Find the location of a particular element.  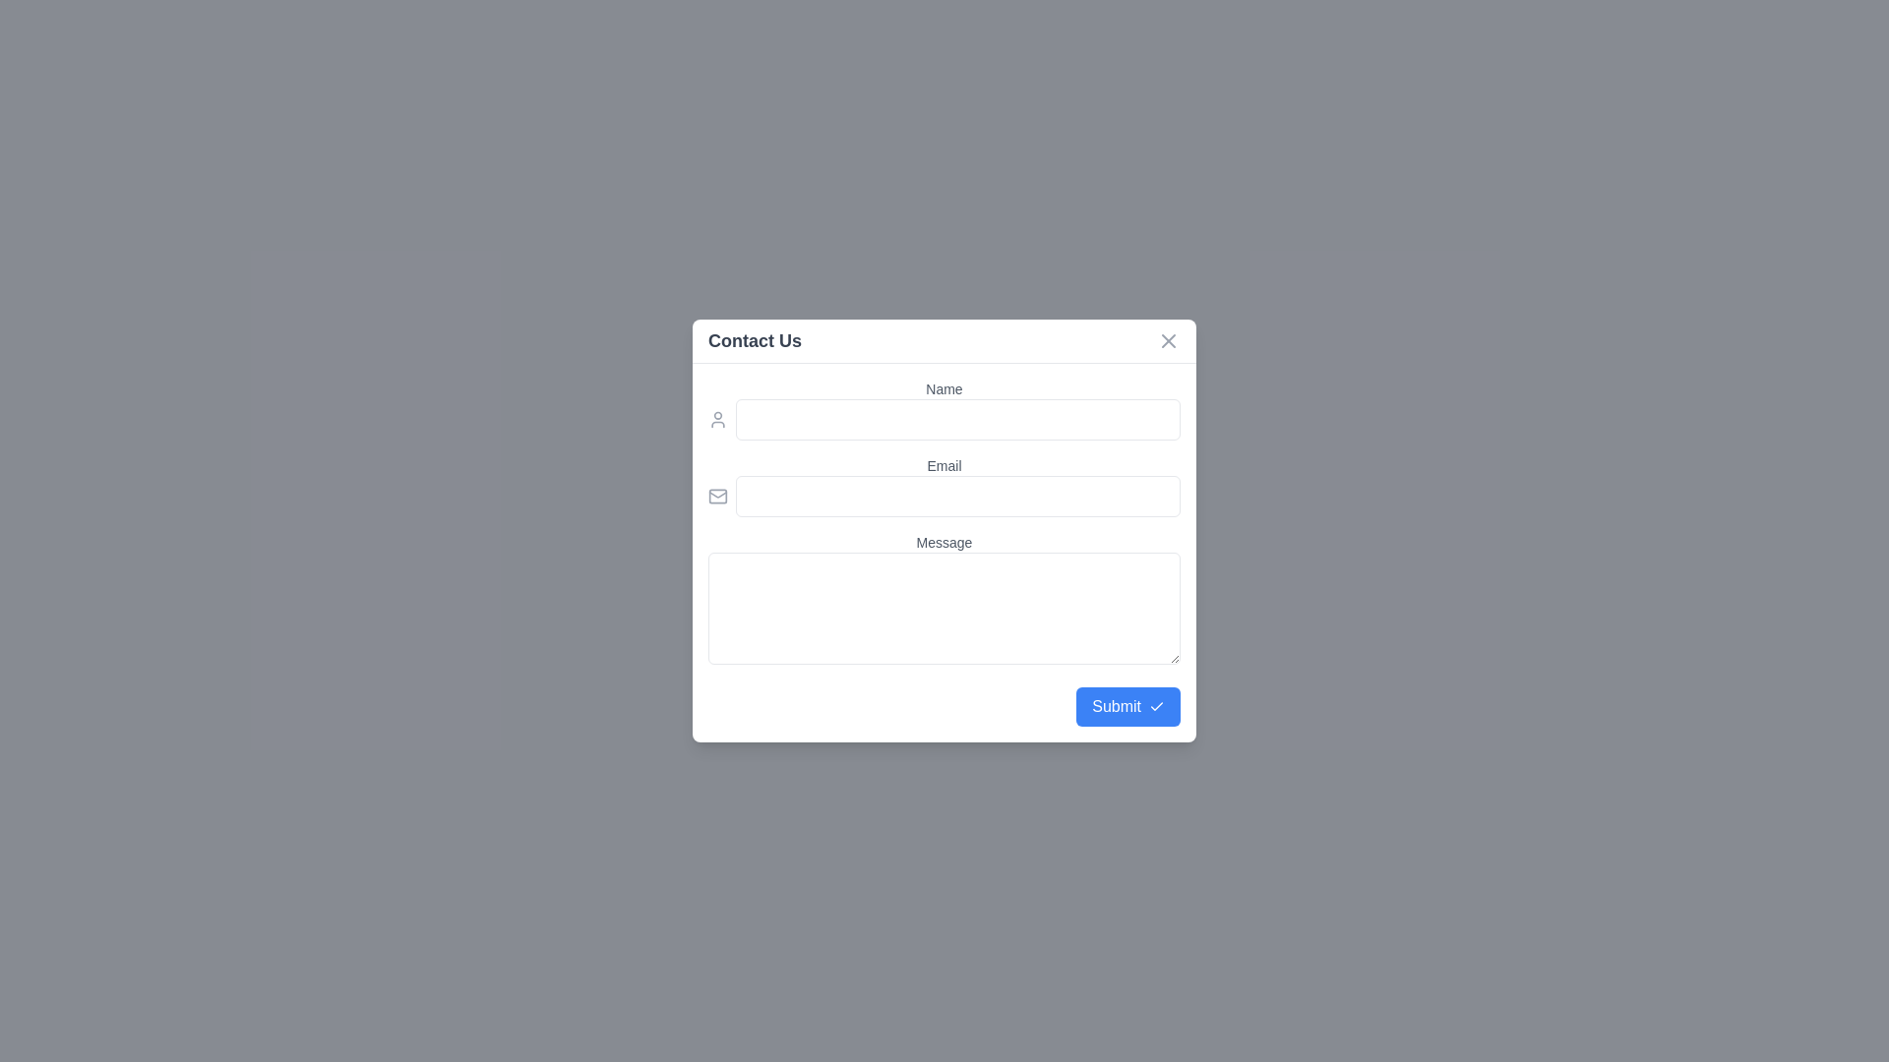

the diagonal cross symbol in the top-right corner of the modal's header area to indicate interactivity is located at coordinates (1169, 340).